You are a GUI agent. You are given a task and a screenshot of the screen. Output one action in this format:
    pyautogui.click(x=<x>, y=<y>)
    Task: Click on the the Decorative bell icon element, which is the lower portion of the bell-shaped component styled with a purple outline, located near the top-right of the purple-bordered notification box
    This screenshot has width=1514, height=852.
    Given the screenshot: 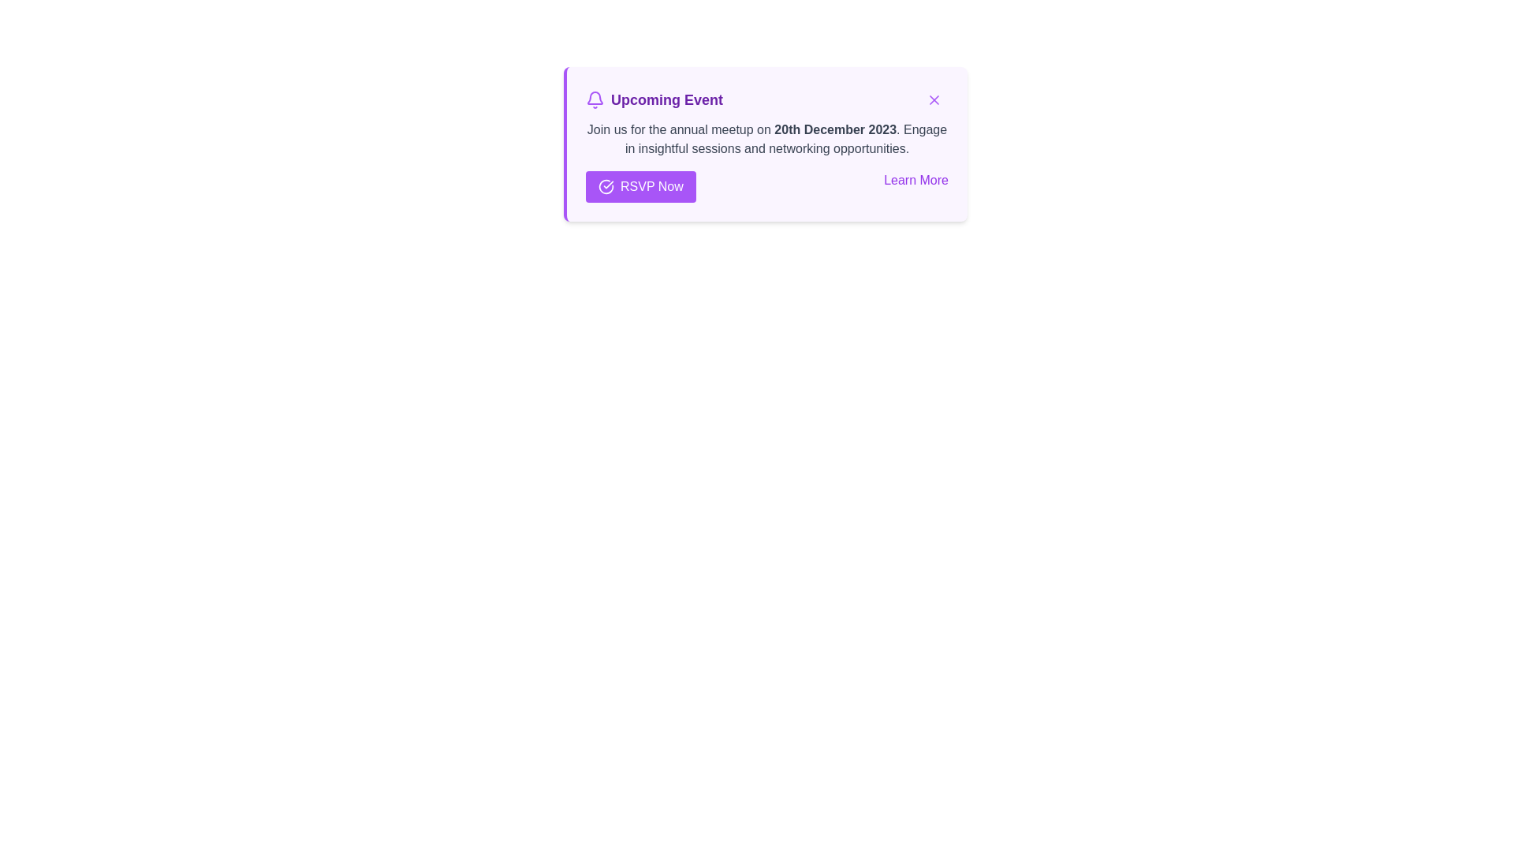 What is the action you would take?
    pyautogui.click(x=594, y=98)
    